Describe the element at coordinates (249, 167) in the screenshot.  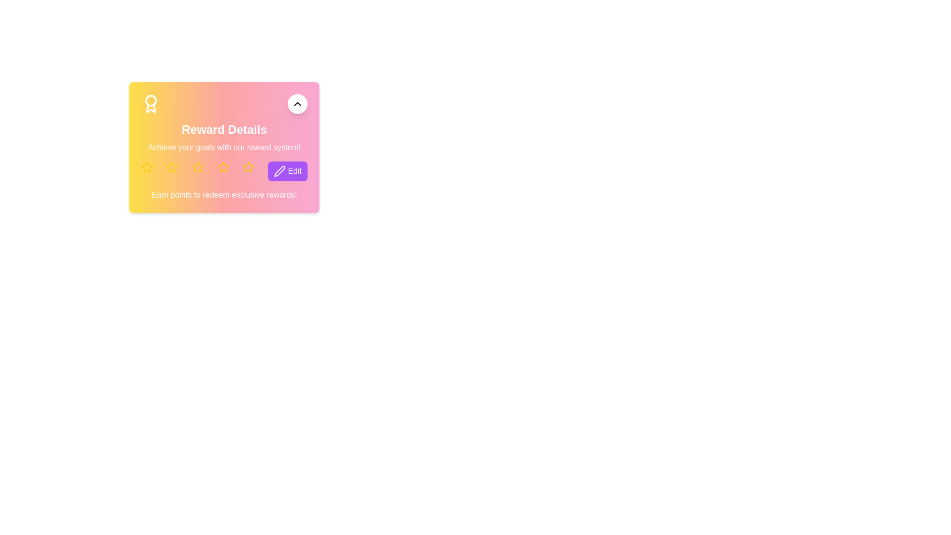
I see `the fifth yellow star icon in the horizontal row under the subtitle 'Achieve your goals with our reward system!' if interactivity is supported` at that location.